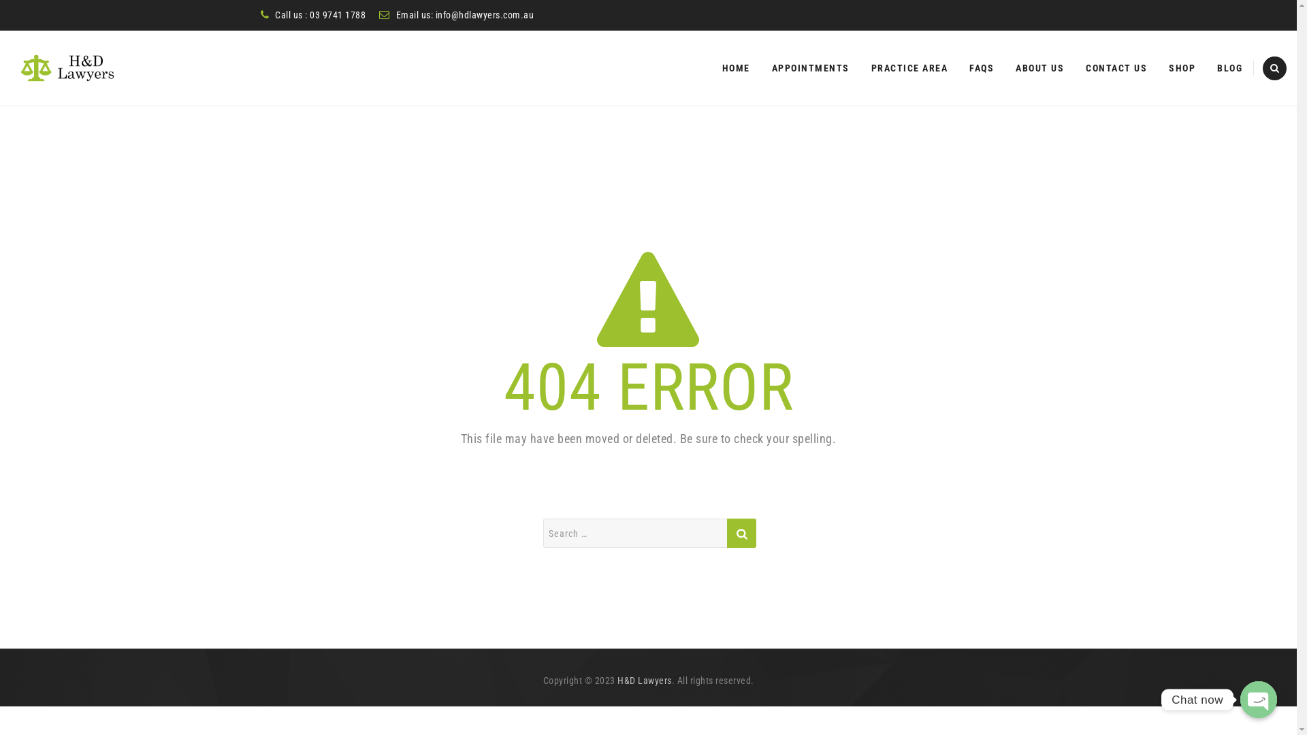  I want to click on 'HOME', so click(735, 68).